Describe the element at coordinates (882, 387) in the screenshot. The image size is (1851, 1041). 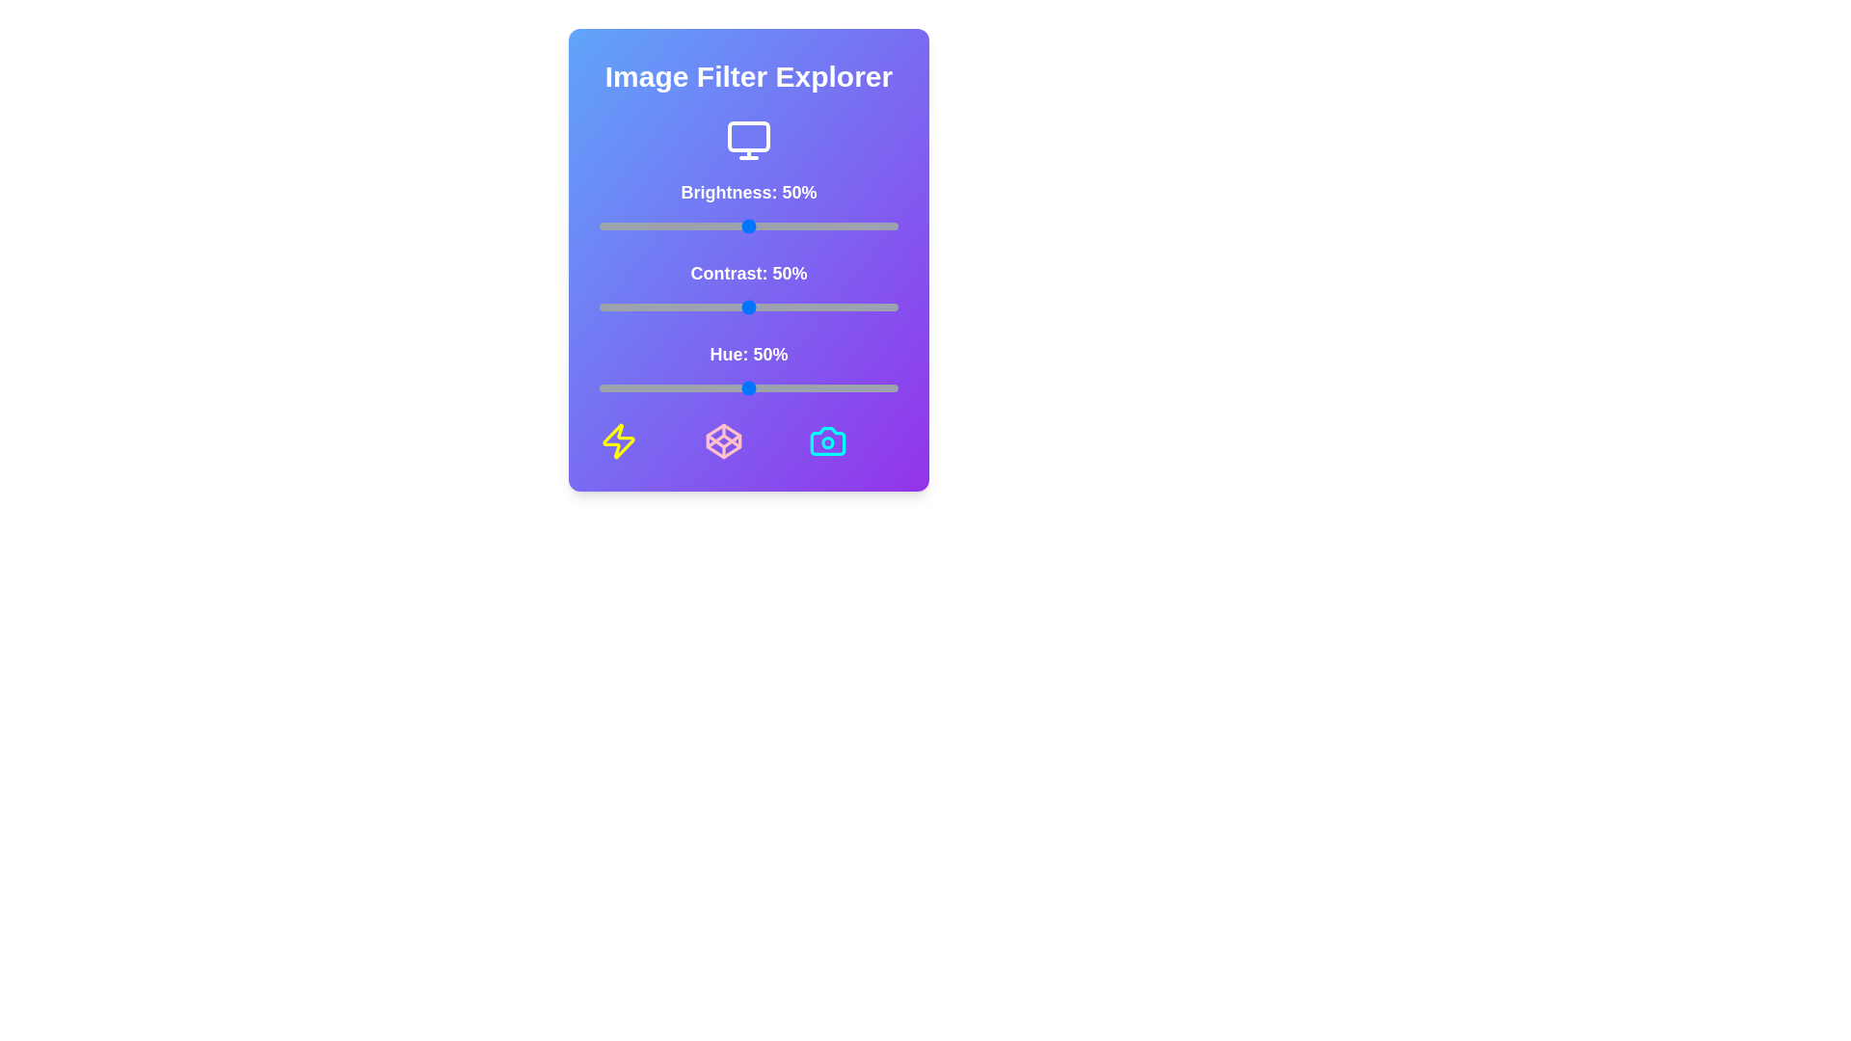
I see `the hue slider to 95%` at that location.